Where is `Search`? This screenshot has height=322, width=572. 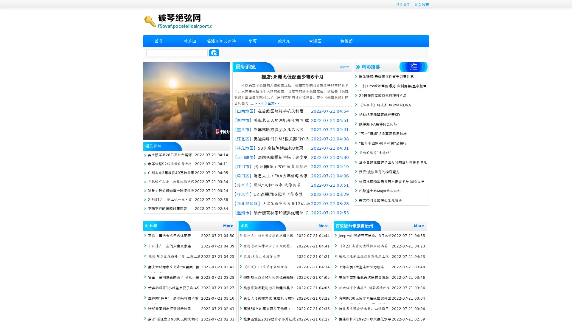 Search is located at coordinates (214, 52).